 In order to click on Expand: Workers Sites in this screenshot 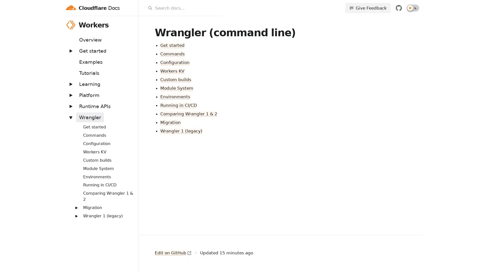, I will do `click(73, 229)`.